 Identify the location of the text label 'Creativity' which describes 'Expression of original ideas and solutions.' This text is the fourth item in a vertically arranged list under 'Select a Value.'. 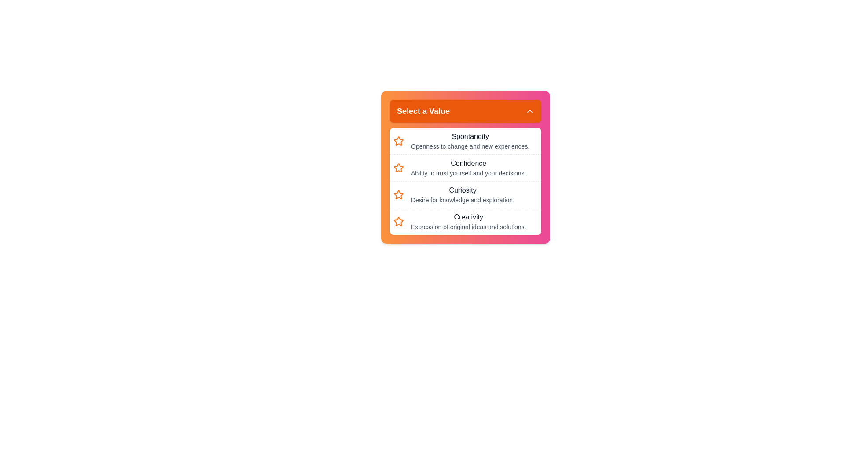
(468, 221).